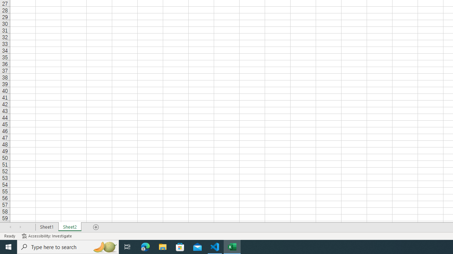 This screenshot has width=453, height=254. What do you see at coordinates (46, 227) in the screenshot?
I see `'Sheet1'` at bounding box center [46, 227].